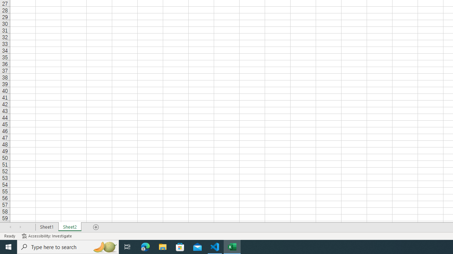 This screenshot has width=453, height=254. What do you see at coordinates (46, 227) in the screenshot?
I see `'Sheet1'` at bounding box center [46, 227].